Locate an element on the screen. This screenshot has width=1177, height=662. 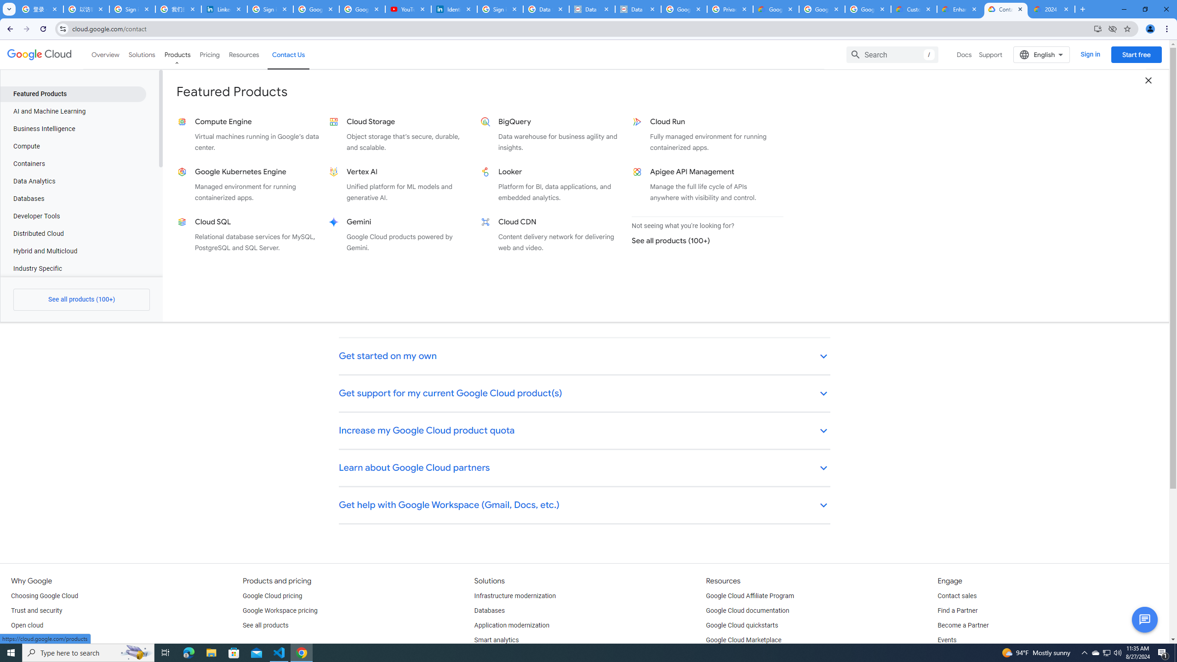
'Google Cloud pricing' is located at coordinates (272, 596).